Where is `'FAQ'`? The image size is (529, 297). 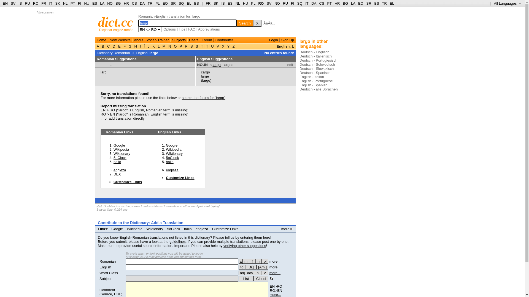
'FAQ' is located at coordinates (188, 29).